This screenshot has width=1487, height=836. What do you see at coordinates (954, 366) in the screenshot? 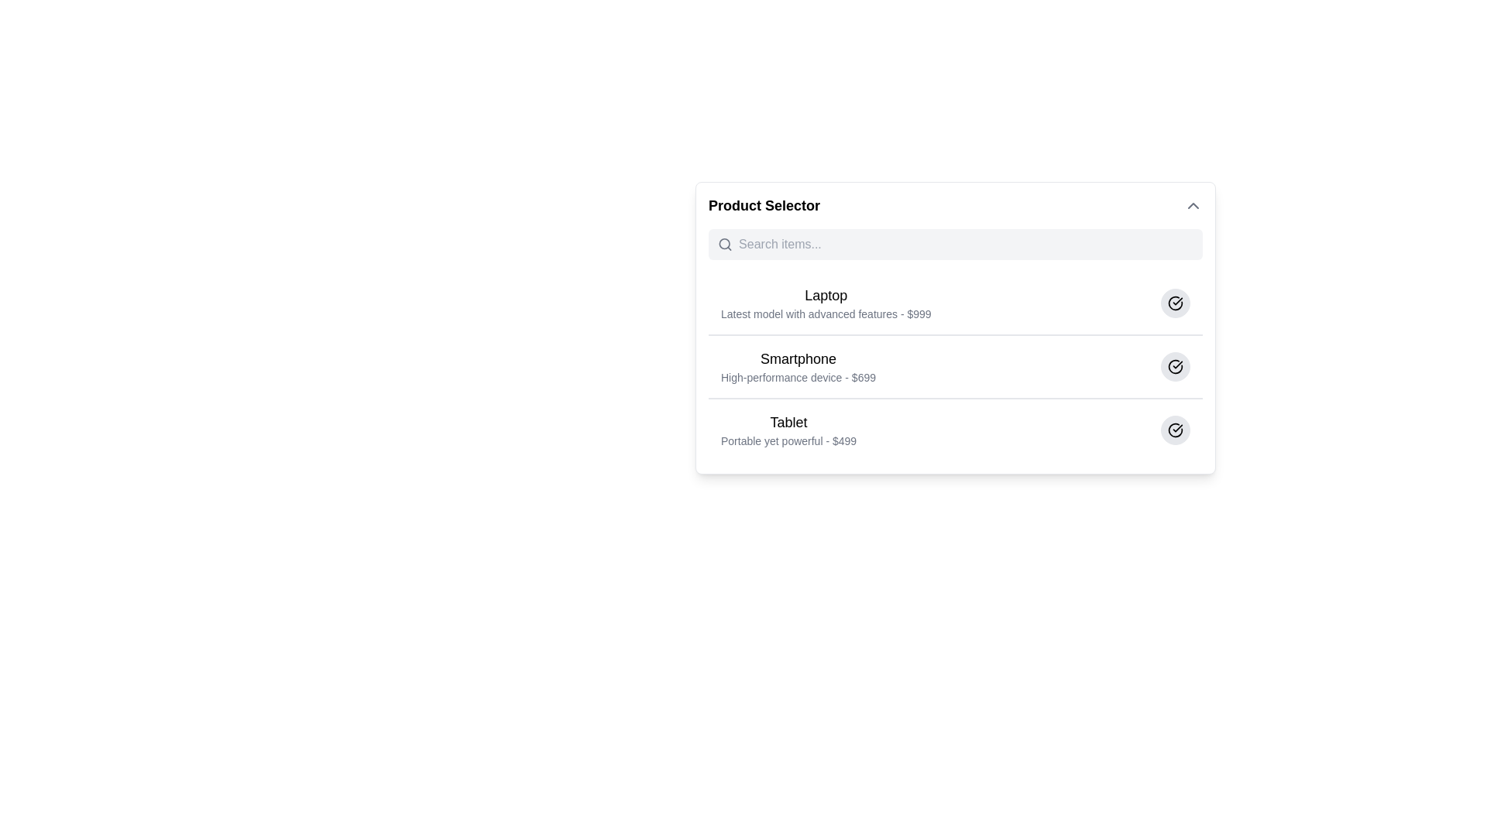
I see `the second item in the 'Product Selector' list, which contains a title, description, and an interactive checkmark button` at bounding box center [954, 366].